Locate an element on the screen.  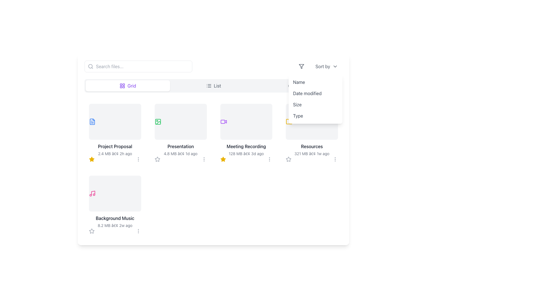
the 'Project Proposal' file card located in the top row of the grid layout is located at coordinates (115, 130).